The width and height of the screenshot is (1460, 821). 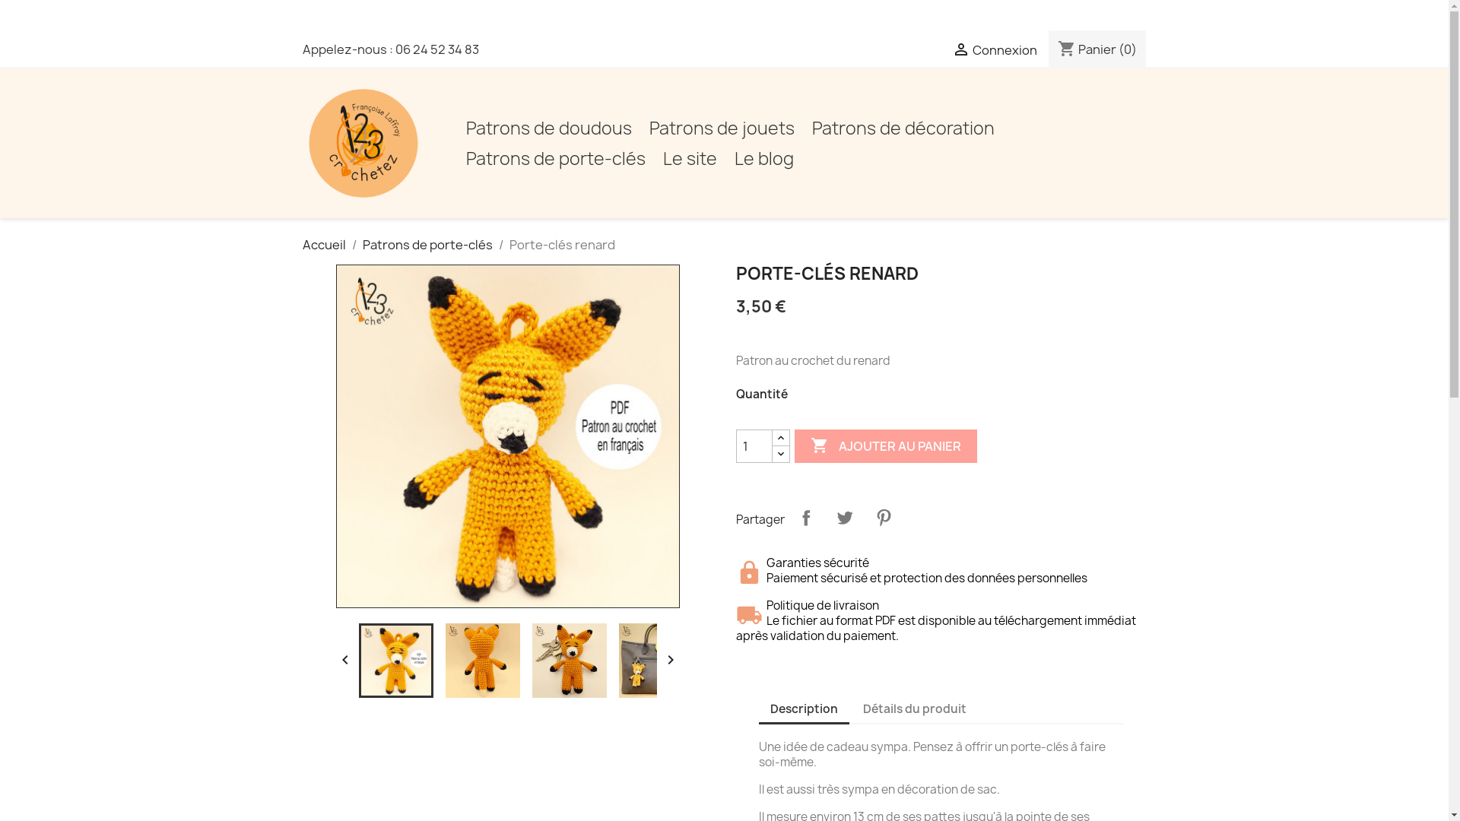 I want to click on 'Description', so click(x=803, y=709).